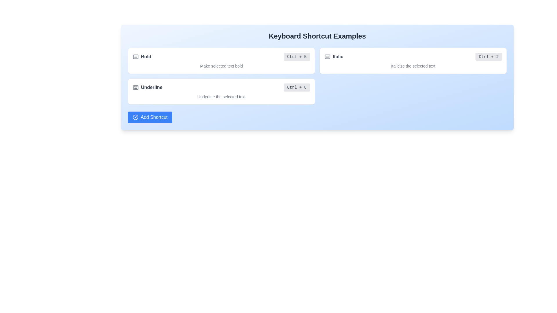 This screenshot has height=313, width=557. Describe the element at coordinates (297, 87) in the screenshot. I see `the informational label displaying the keyboard shortcut for underlining text, located in the middle-right section under the header 'Keyboard Shortcut Examples'` at that location.